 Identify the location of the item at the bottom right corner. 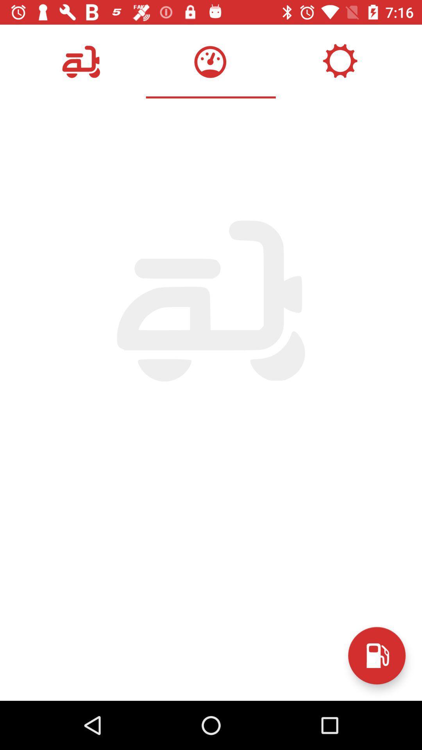
(376, 655).